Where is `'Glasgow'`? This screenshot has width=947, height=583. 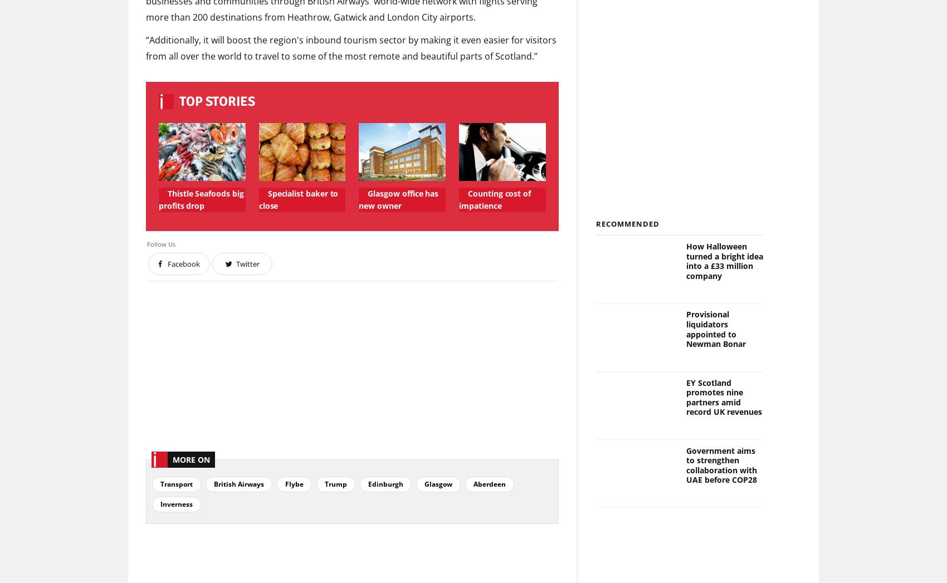 'Glasgow' is located at coordinates (437, 483).